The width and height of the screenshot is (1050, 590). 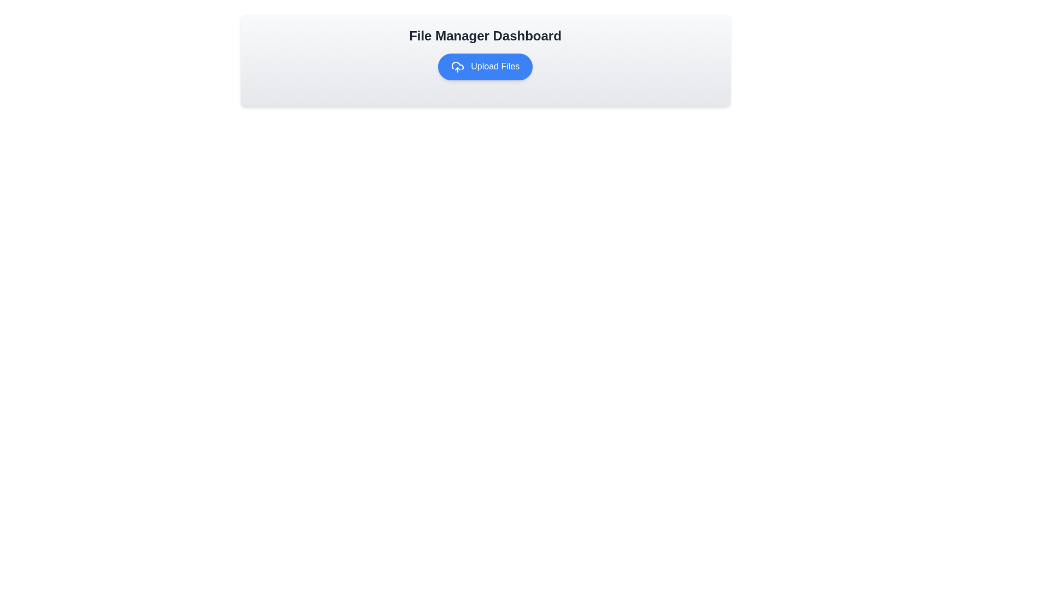 I want to click on the 'Upload Files' button located in the header section of the interface for file management, so click(x=485, y=60).